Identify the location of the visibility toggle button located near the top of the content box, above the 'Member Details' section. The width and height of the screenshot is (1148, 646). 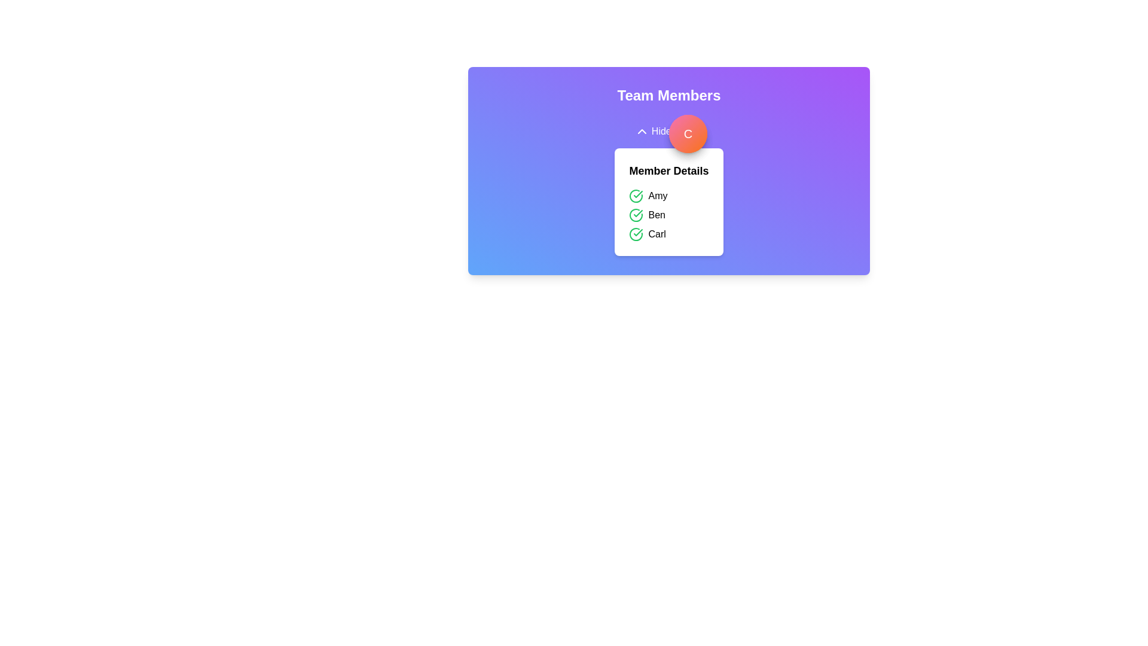
(668, 131).